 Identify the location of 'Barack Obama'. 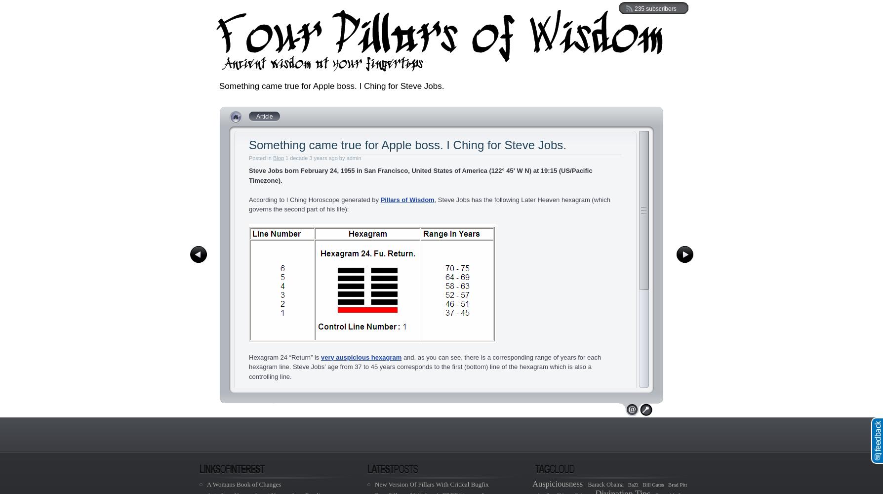
(605, 484).